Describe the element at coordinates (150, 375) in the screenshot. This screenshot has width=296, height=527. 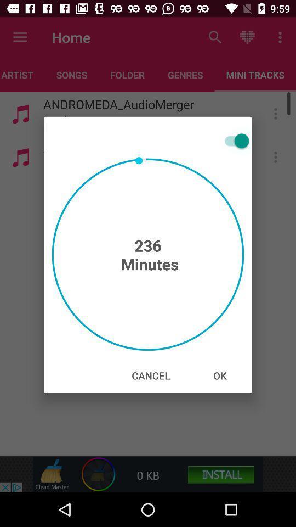
I see `icon next to the ok item` at that location.